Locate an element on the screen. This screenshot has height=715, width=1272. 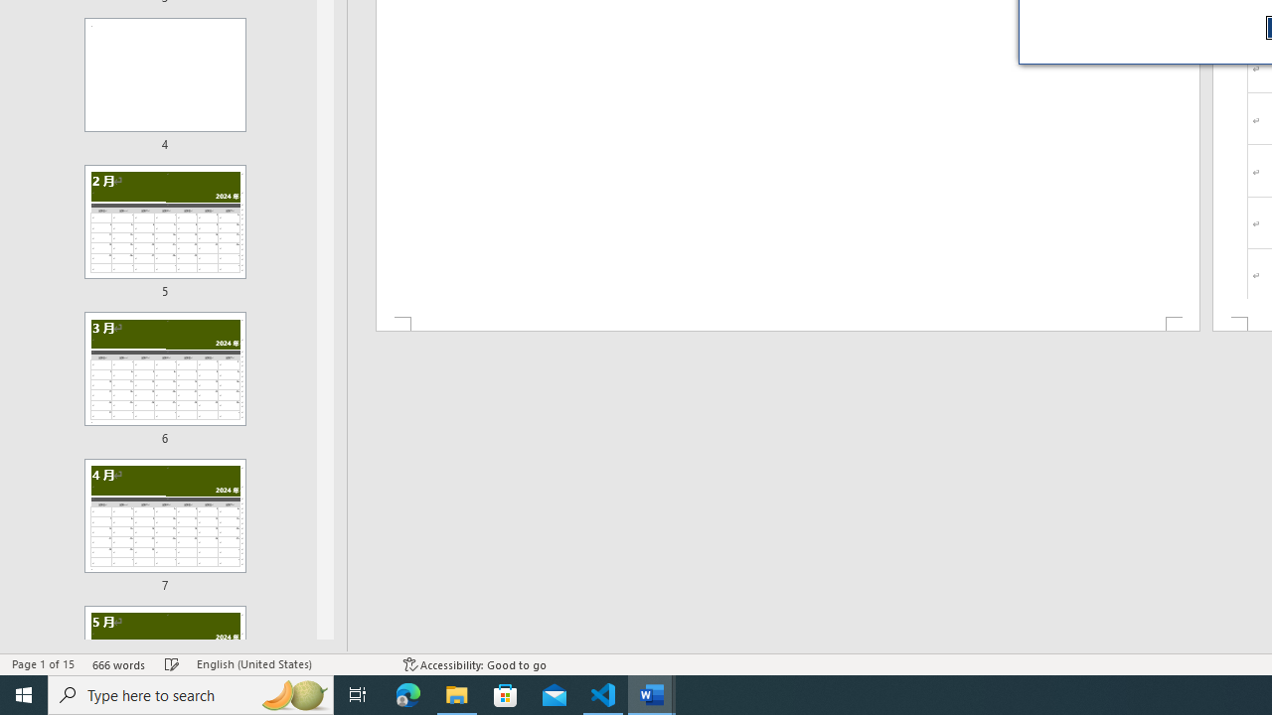
'Microsoft Store' is located at coordinates (506, 693).